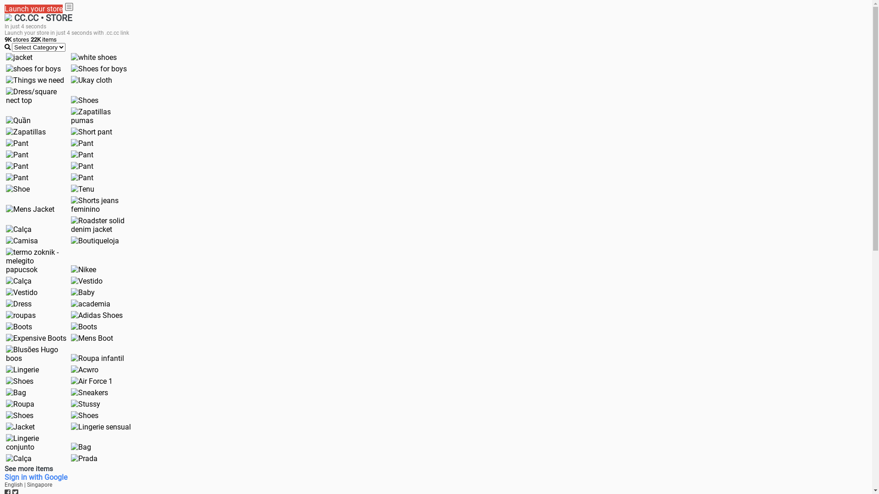 The image size is (879, 494). Describe the element at coordinates (16, 392) in the screenshot. I see `'Bag'` at that location.